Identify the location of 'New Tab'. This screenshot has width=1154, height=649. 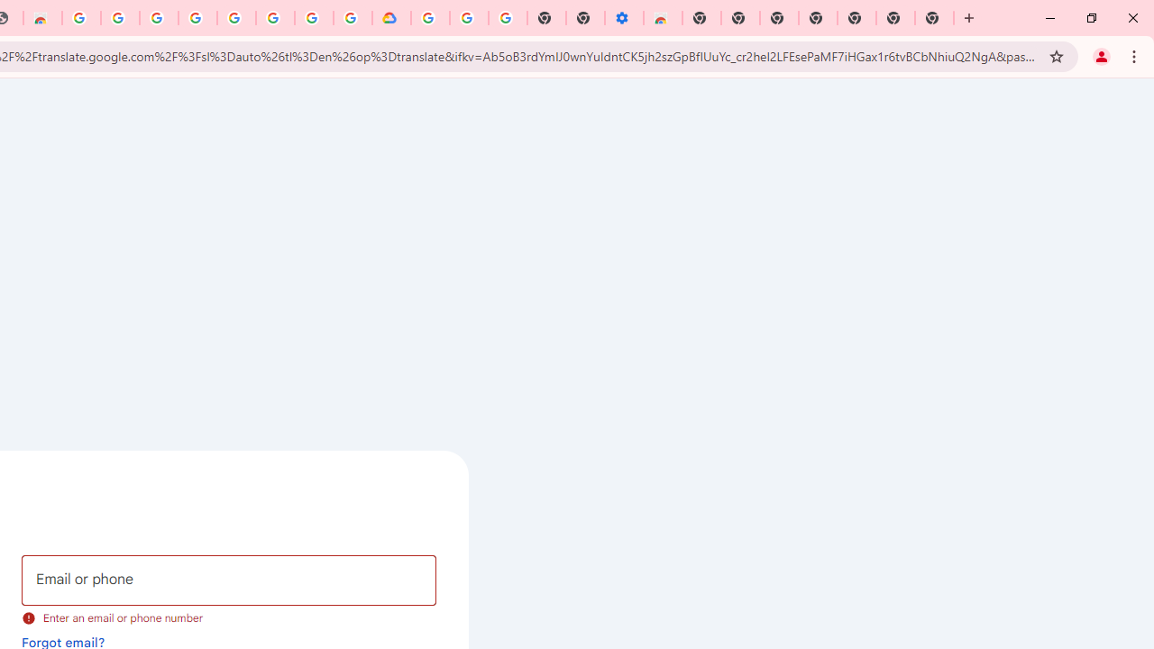
(934, 18).